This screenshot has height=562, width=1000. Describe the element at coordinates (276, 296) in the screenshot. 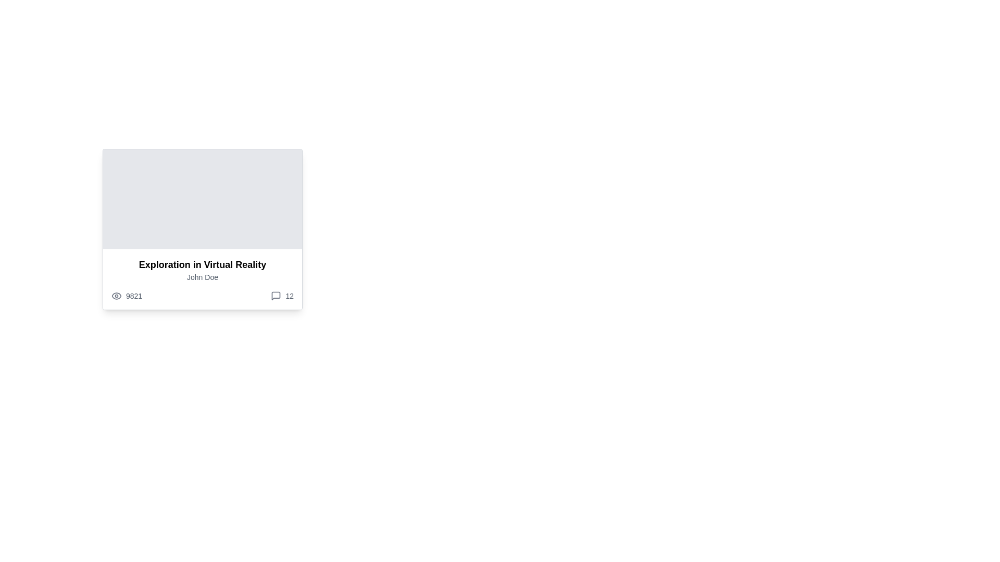

I see `the comments icon located to the left of the number '12' at the bottom-right corner of the card` at that location.